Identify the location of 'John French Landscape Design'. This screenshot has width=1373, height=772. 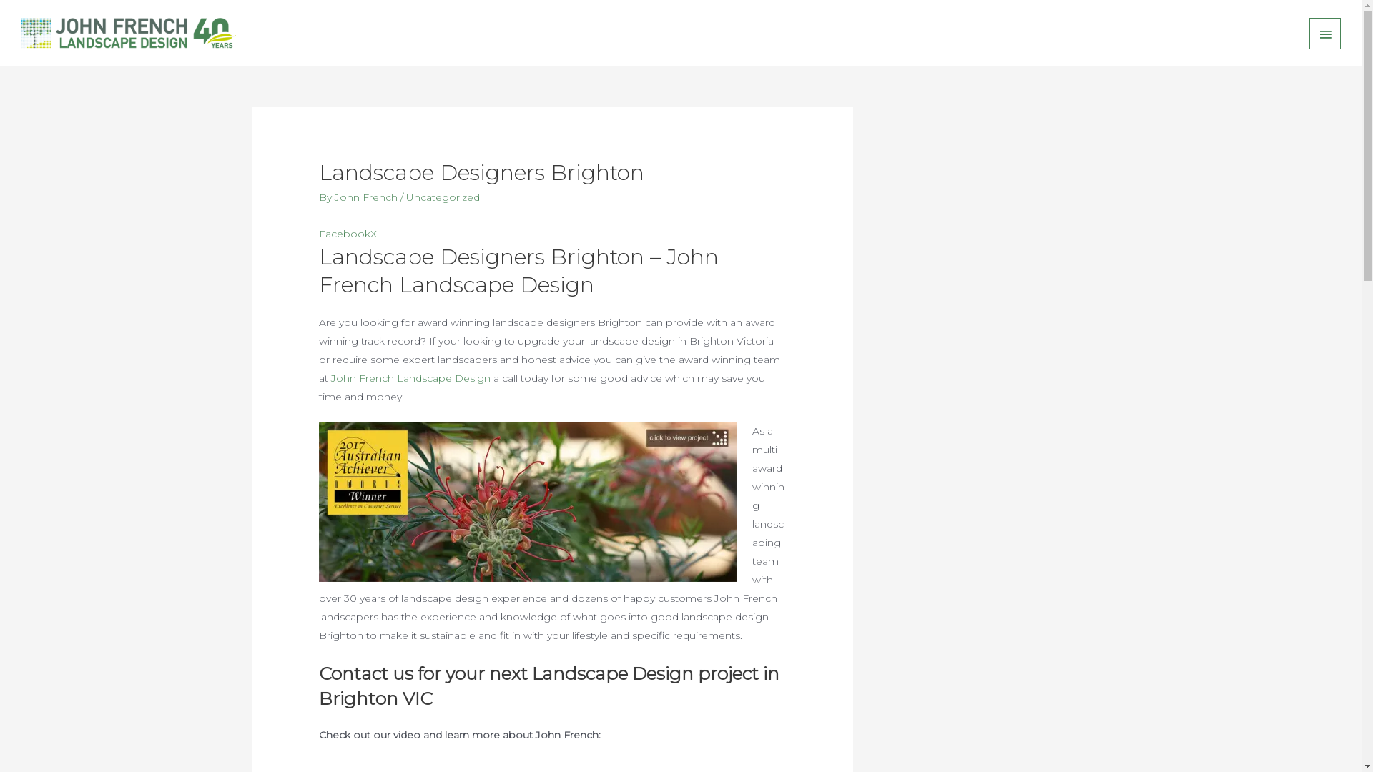
(330, 377).